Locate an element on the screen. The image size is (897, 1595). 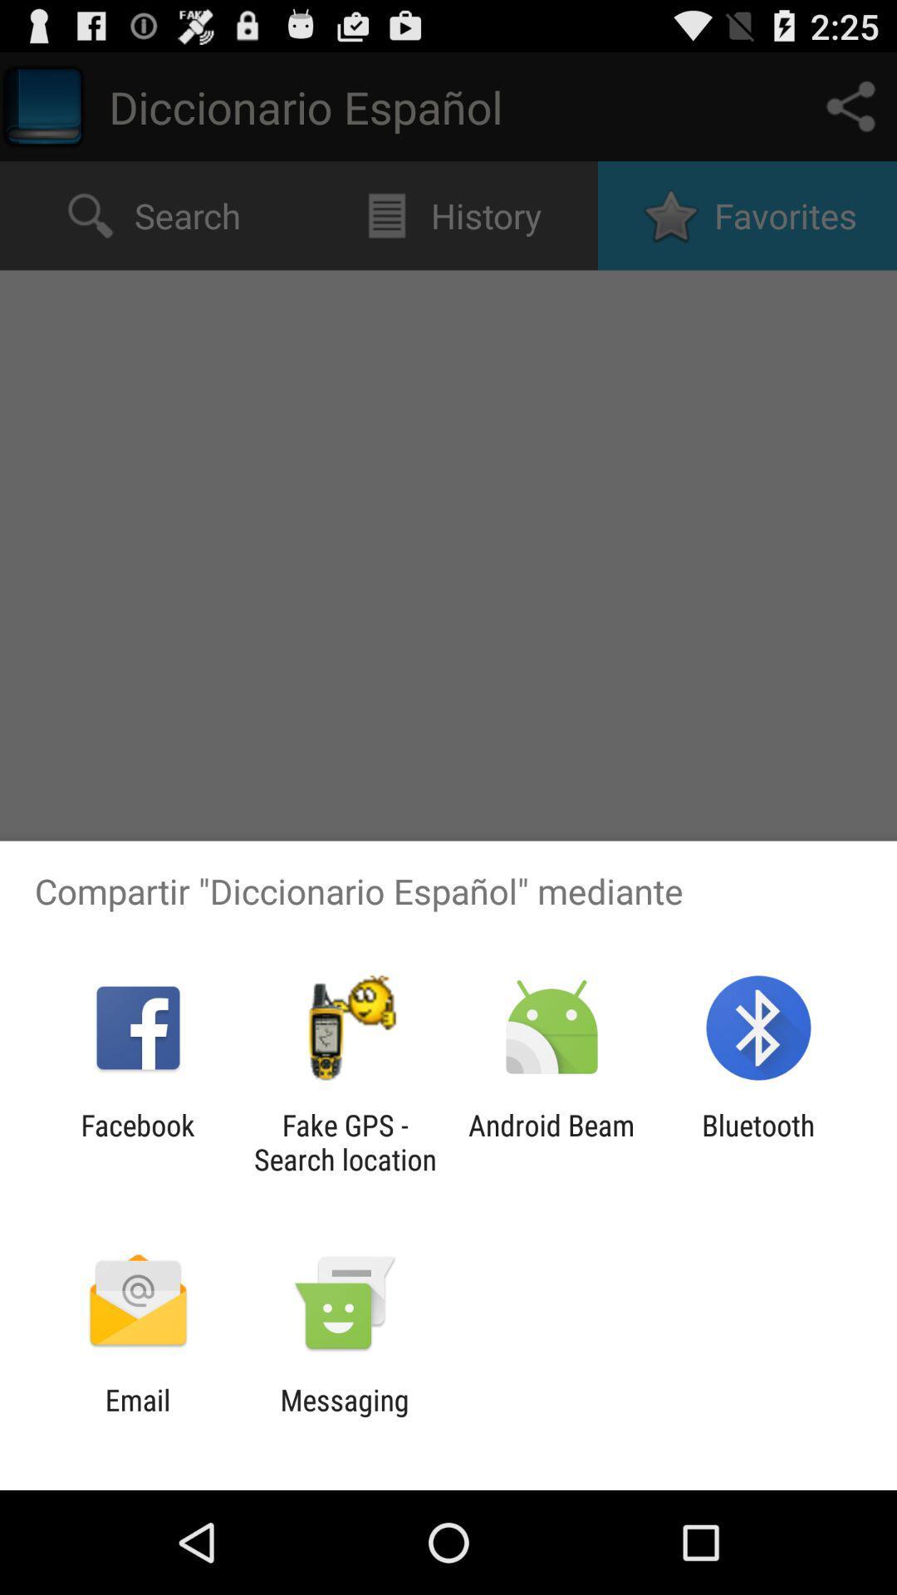
the email app is located at coordinates (137, 1416).